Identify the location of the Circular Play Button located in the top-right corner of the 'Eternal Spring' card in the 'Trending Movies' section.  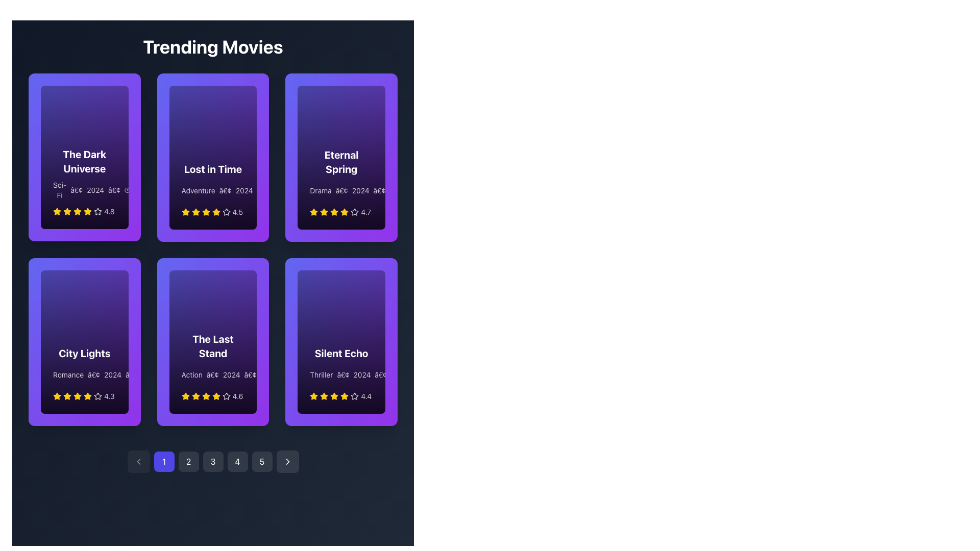
(379, 94).